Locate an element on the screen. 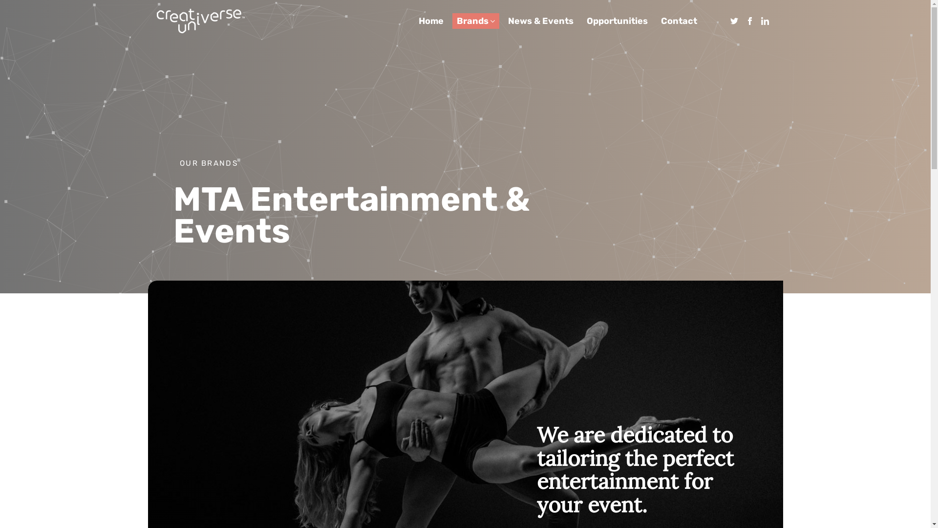 The image size is (938, 528). 'Opportunities' is located at coordinates (617, 21).